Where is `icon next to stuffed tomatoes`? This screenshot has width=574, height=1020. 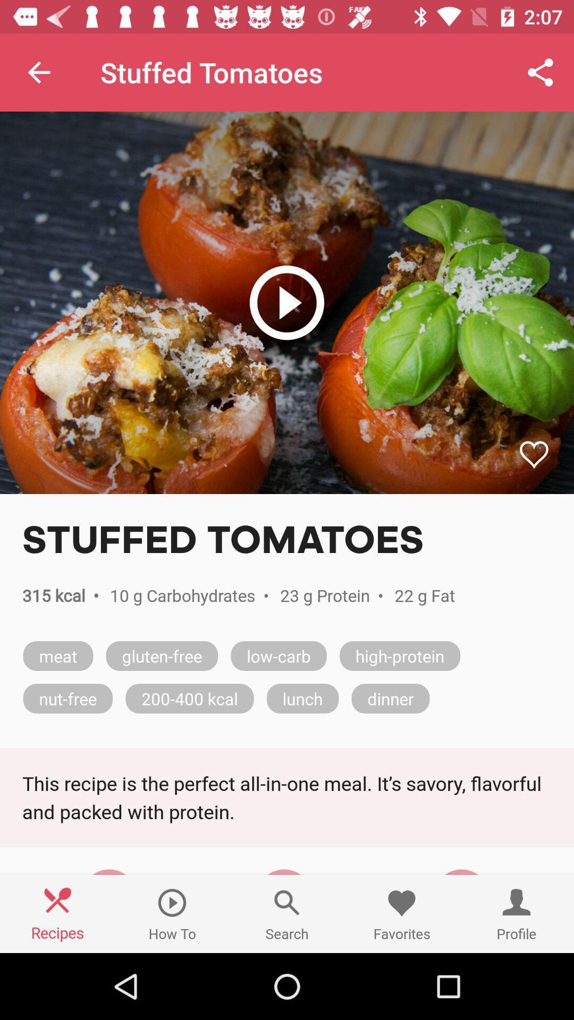
icon next to stuffed tomatoes is located at coordinates (38, 72).